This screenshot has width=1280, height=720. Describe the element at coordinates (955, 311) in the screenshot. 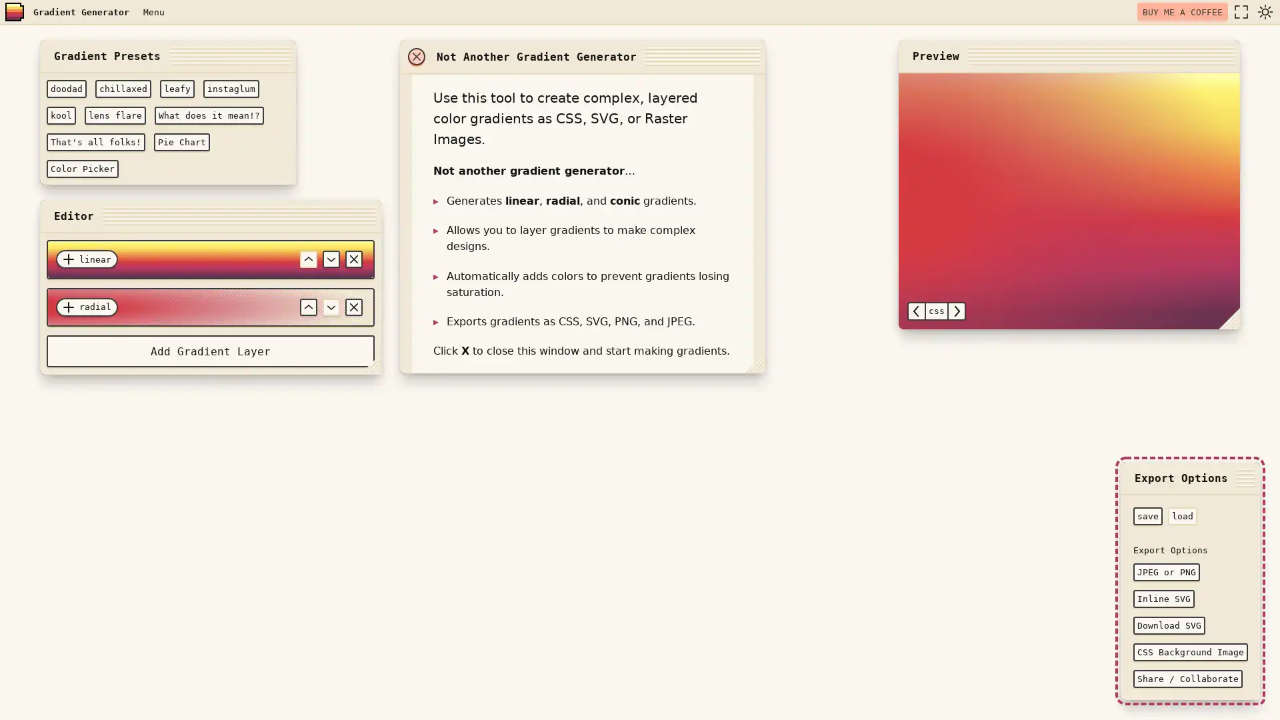

I see `select next option` at that location.